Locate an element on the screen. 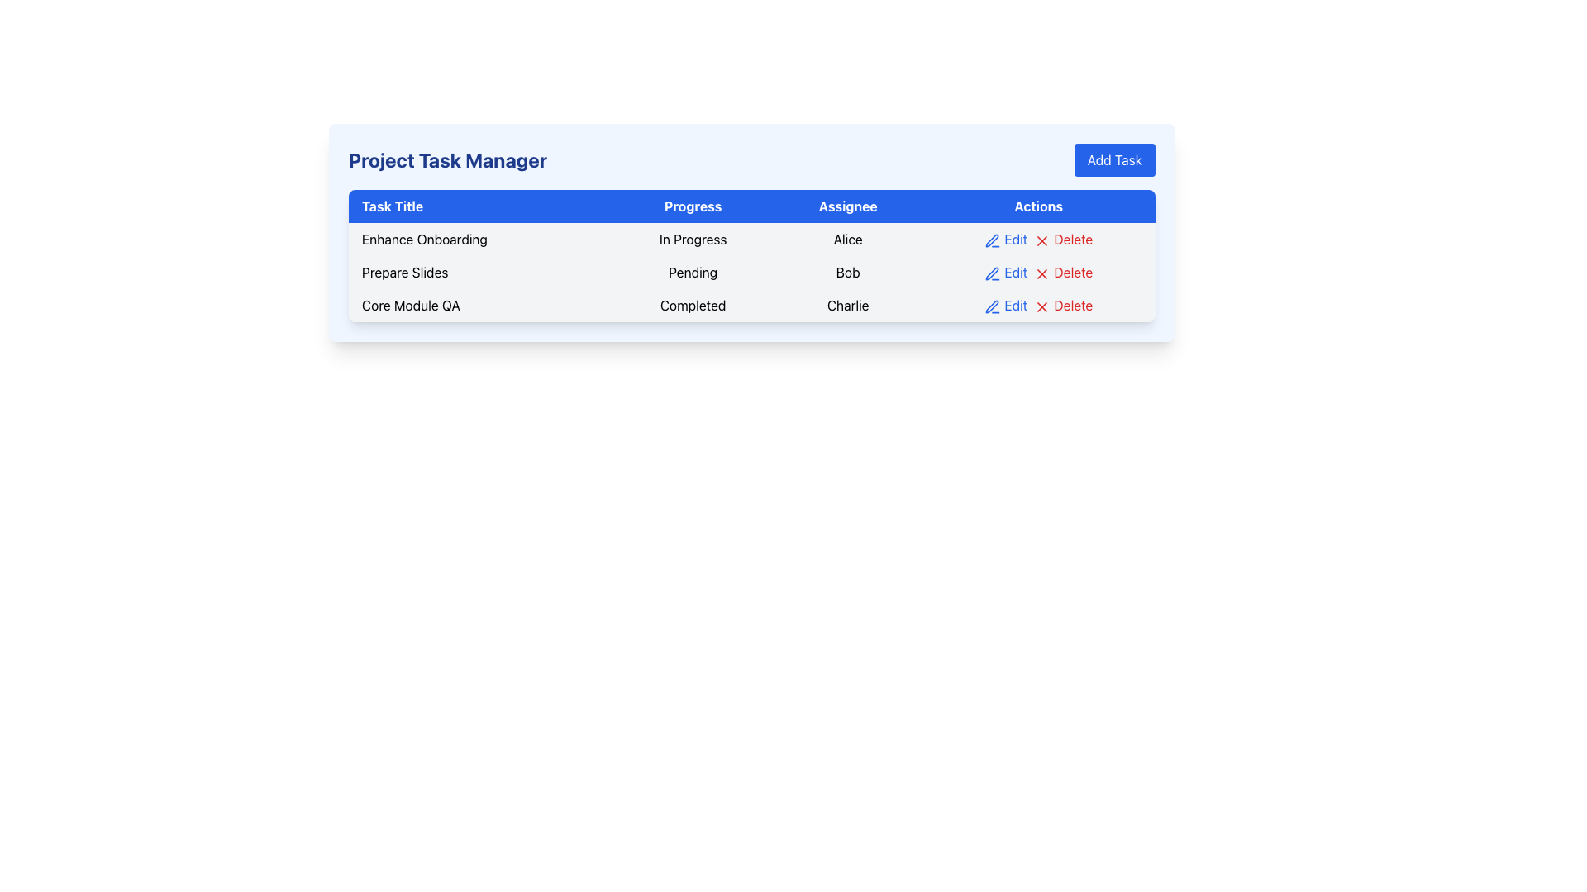 The height and width of the screenshot is (892, 1587). the second 'Delete' icon in the Actions column is located at coordinates (1041, 273).